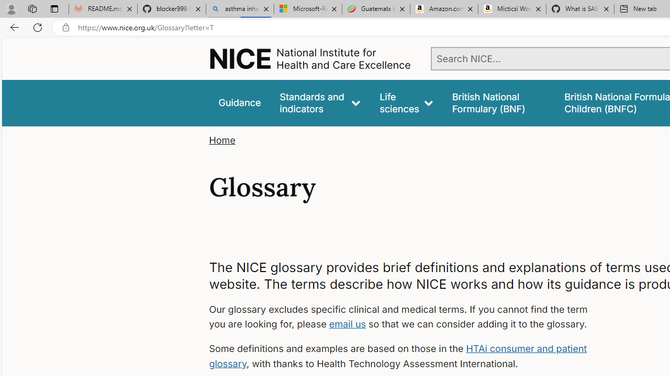 The height and width of the screenshot is (376, 670). Describe the element at coordinates (348, 324) in the screenshot. I see `'email us'` at that location.